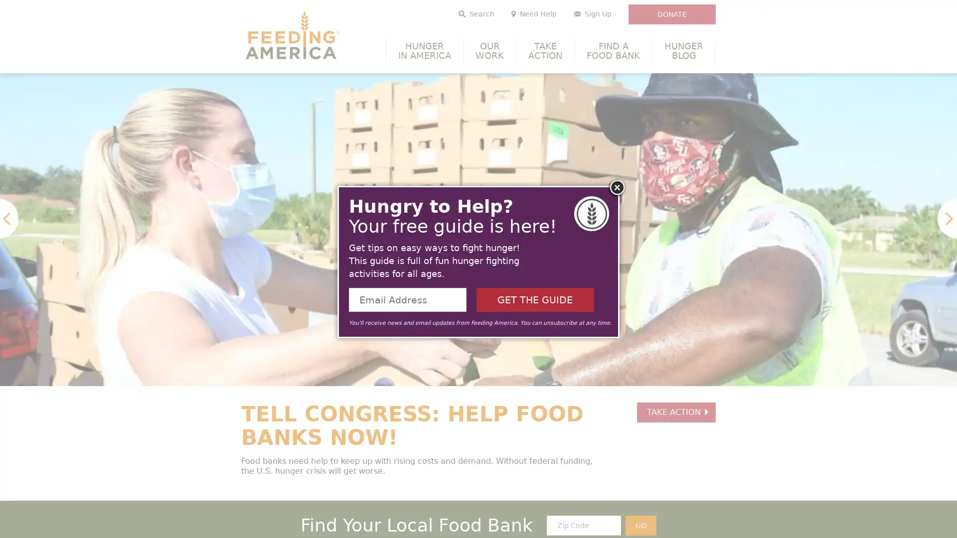  I want to click on GET THE GUIDE, so click(534, 299).